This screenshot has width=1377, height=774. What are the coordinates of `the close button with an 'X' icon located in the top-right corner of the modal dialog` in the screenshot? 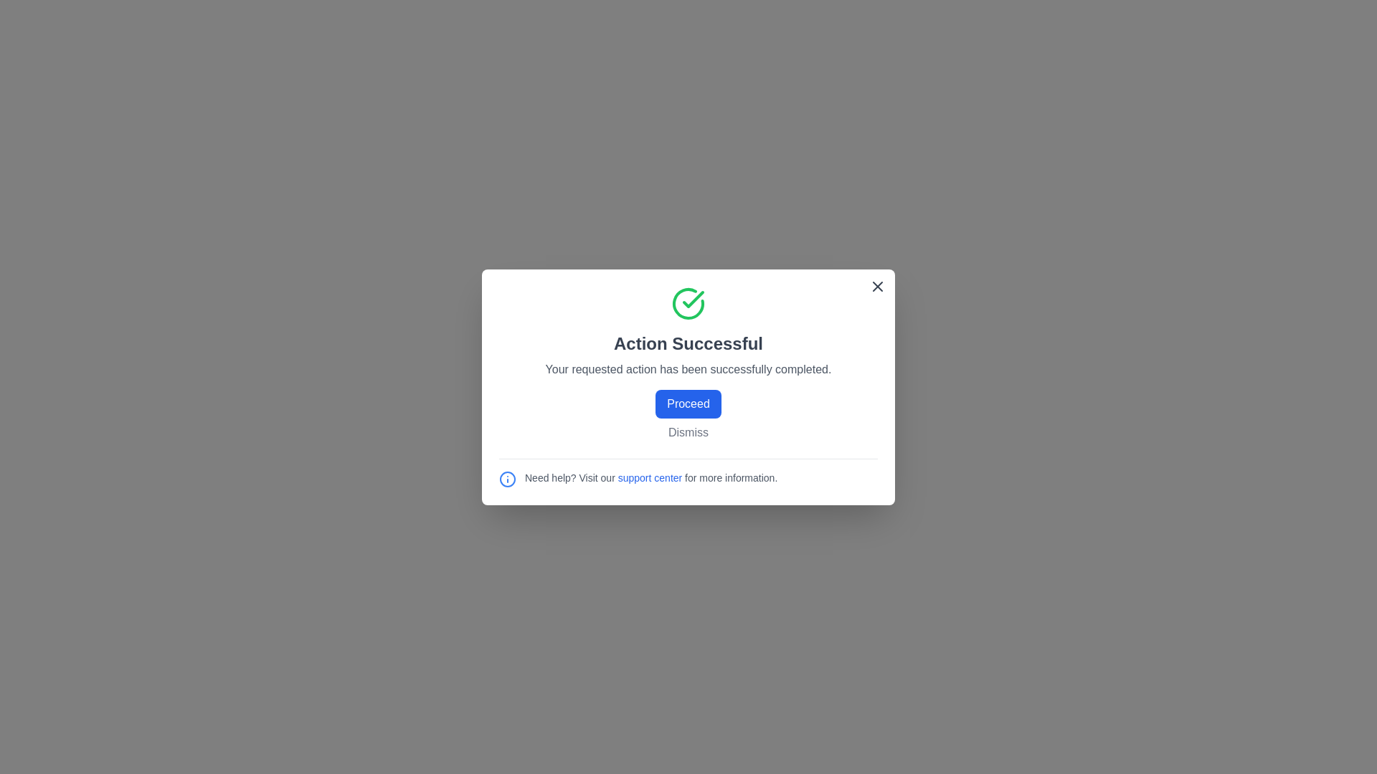 It's located at (877, 285).